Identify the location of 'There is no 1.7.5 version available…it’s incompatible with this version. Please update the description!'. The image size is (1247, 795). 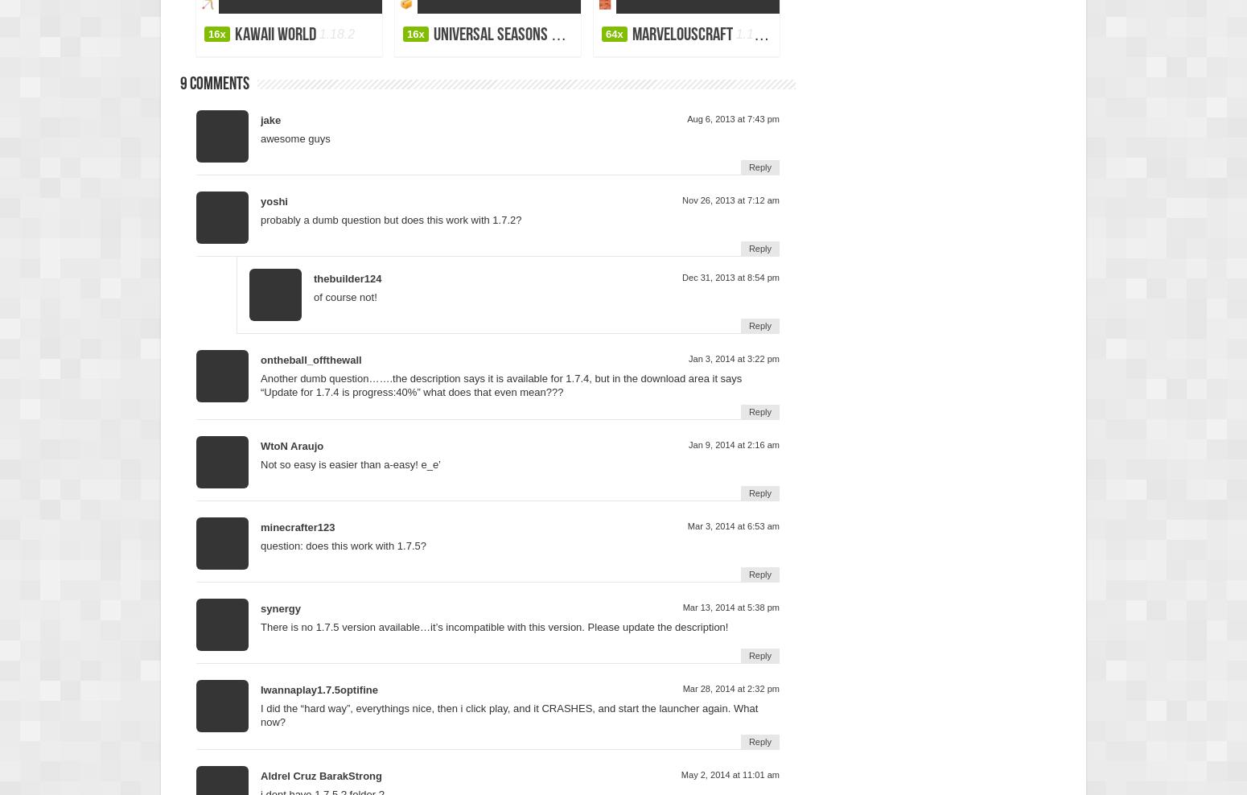
(494, 625).